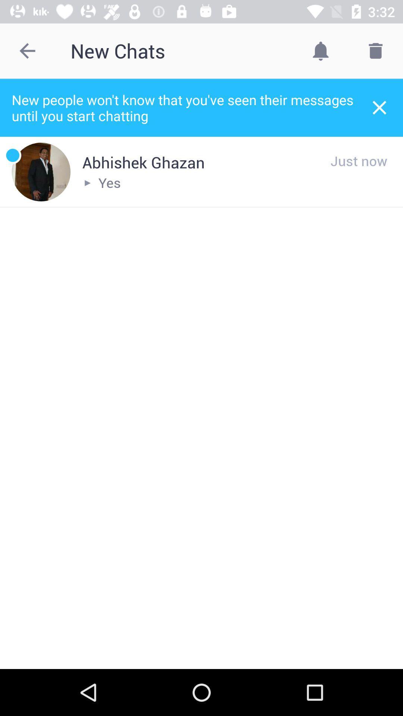 The height and width of the screenshot is (716, 403). I want to click on the item to the right of new people won, so click(379, 107).